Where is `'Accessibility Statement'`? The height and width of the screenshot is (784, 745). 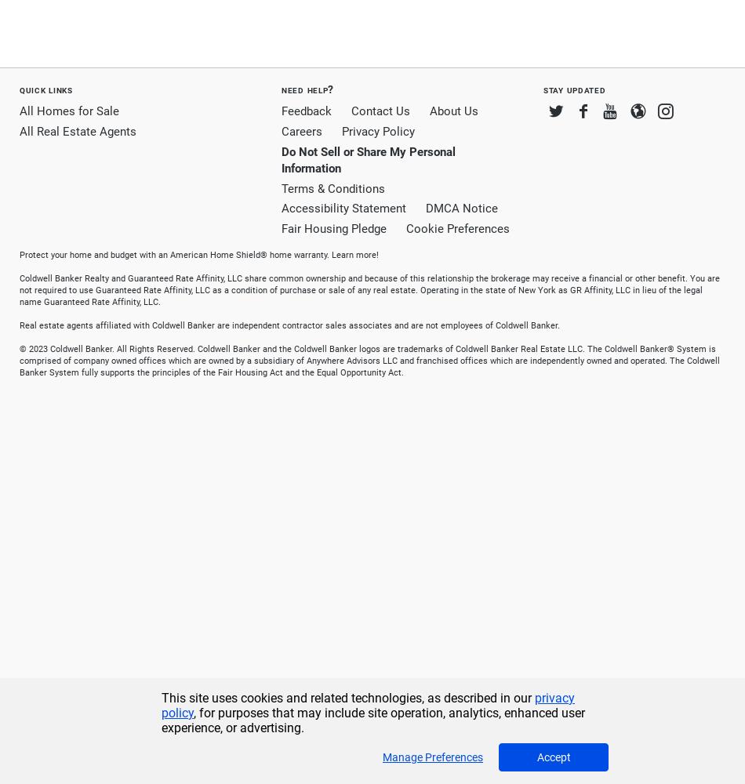
'Accessibility Statement' is located at coordinates (343, 209).